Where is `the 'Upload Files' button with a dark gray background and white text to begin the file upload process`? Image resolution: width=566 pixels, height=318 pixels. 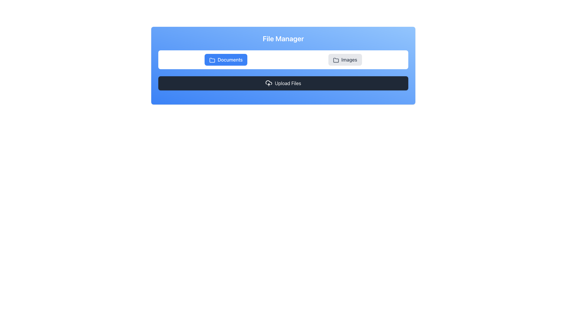 the 'Upload Files' button with a dark gray background and white text to begin the file upload process is located at coordinates (283, 83).